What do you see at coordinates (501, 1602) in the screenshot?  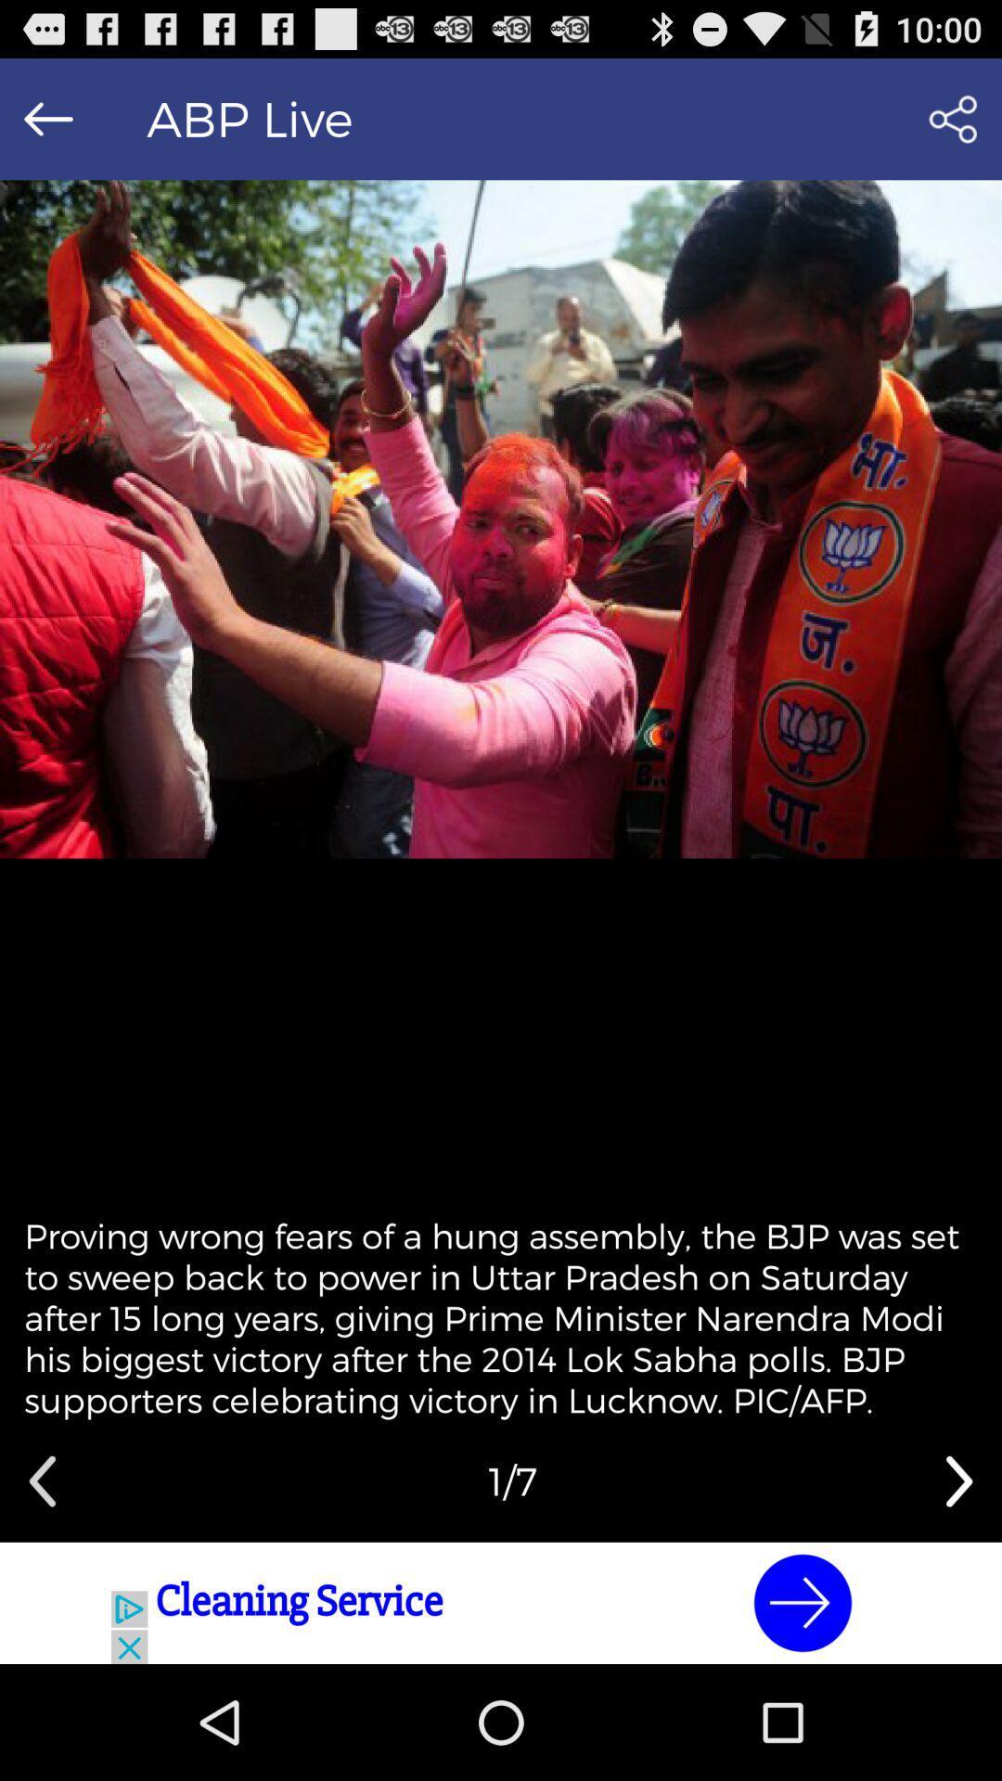 I see `advertisement` at bounding box center [501, 1602].